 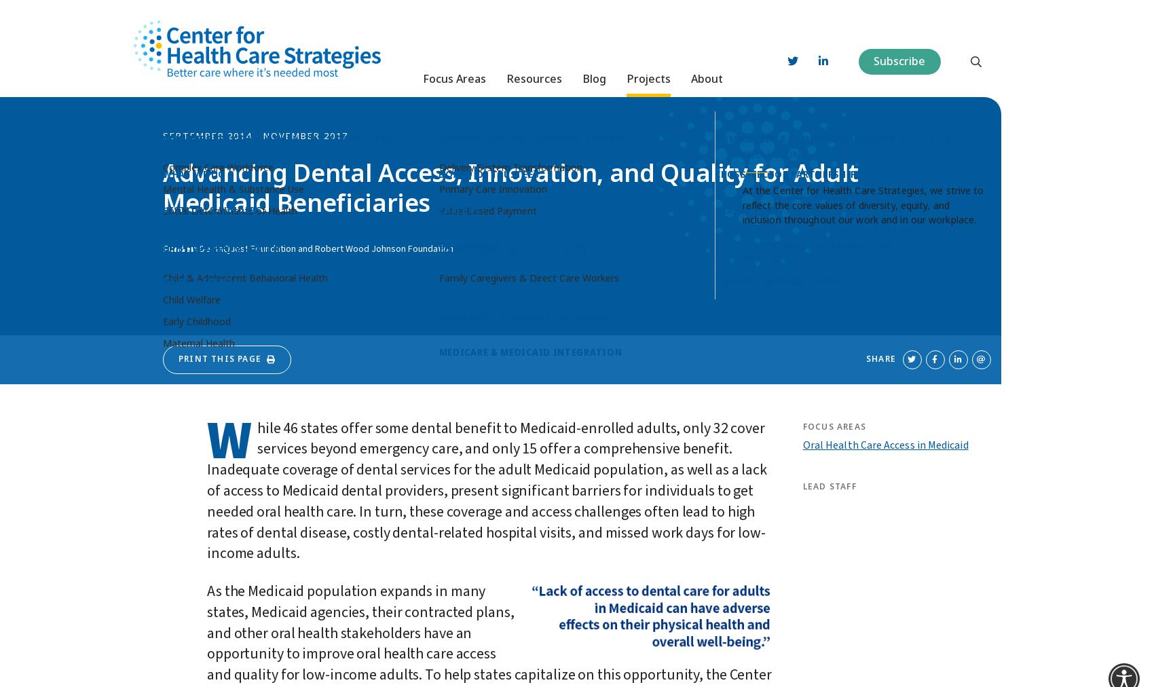 I want to click on 'Delivery System Transformation', so click(x=509, y=162).